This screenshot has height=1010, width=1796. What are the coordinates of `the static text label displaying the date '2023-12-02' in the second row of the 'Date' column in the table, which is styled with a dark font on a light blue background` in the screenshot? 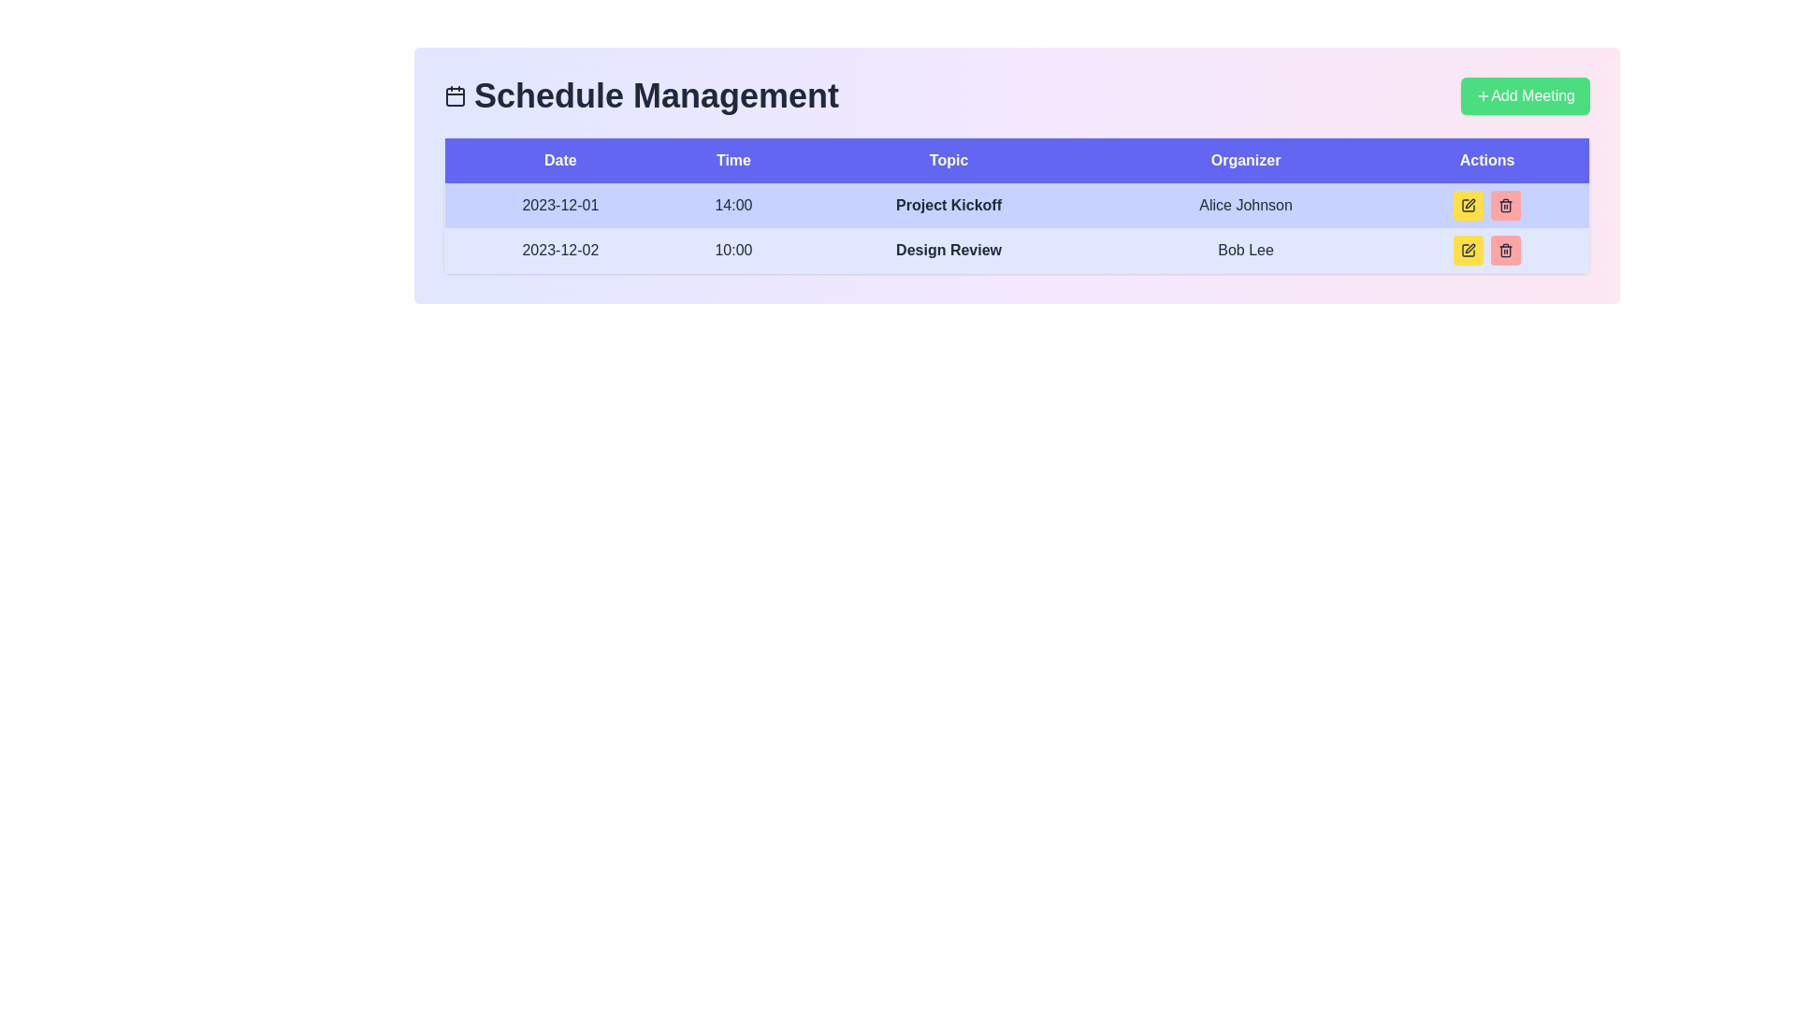 It's located at (559, 250).